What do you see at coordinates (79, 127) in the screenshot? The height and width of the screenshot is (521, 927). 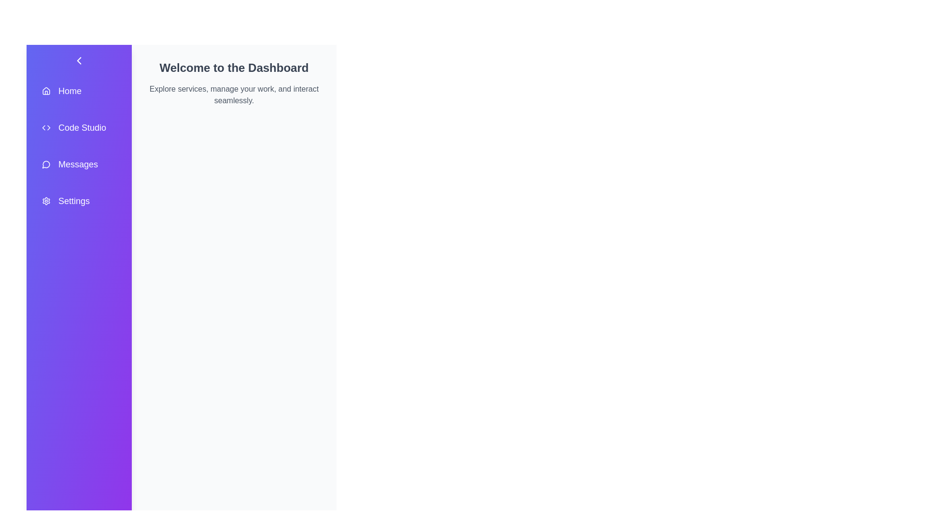 I see `the menu item labeled 'Code Studio' to observe its hover effect` at bounding box center [79, 127].